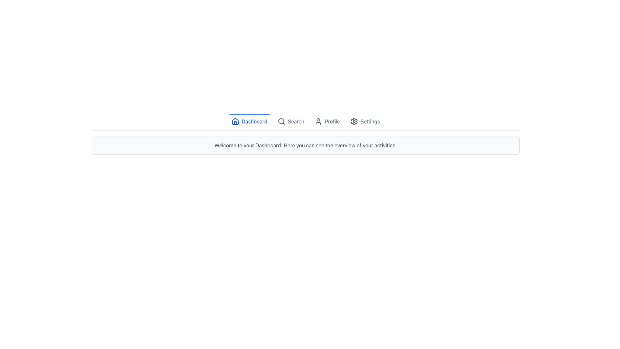  Describe the element at coordinates (305, 145) in the screenshot. I see `the static text element that displays the welcome message and dashboard description, located below the main navigation bar, centrally aligned within a bordered light gray background` at that location.